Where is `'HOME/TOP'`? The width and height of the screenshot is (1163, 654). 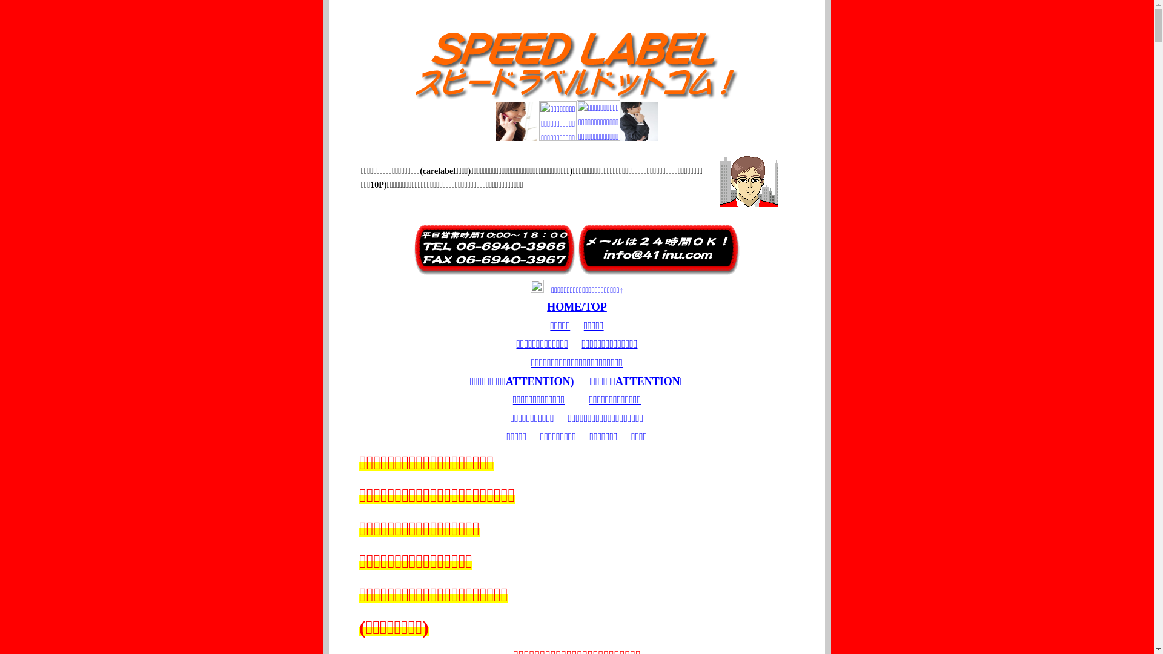
'HOME/TOP' is located at coordinates (576, 306).